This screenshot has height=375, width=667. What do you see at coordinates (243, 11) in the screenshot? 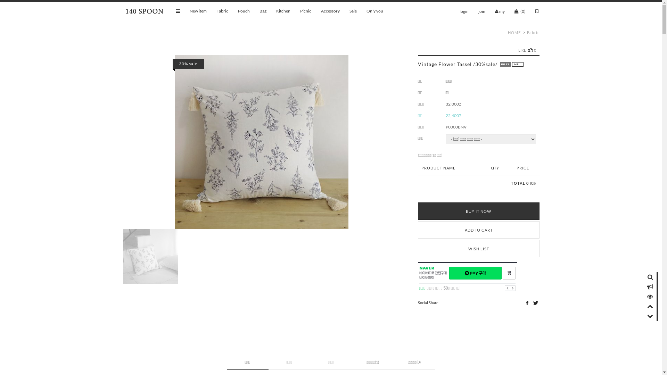
I see `'Pouch'` at bounding box center [243, 11].